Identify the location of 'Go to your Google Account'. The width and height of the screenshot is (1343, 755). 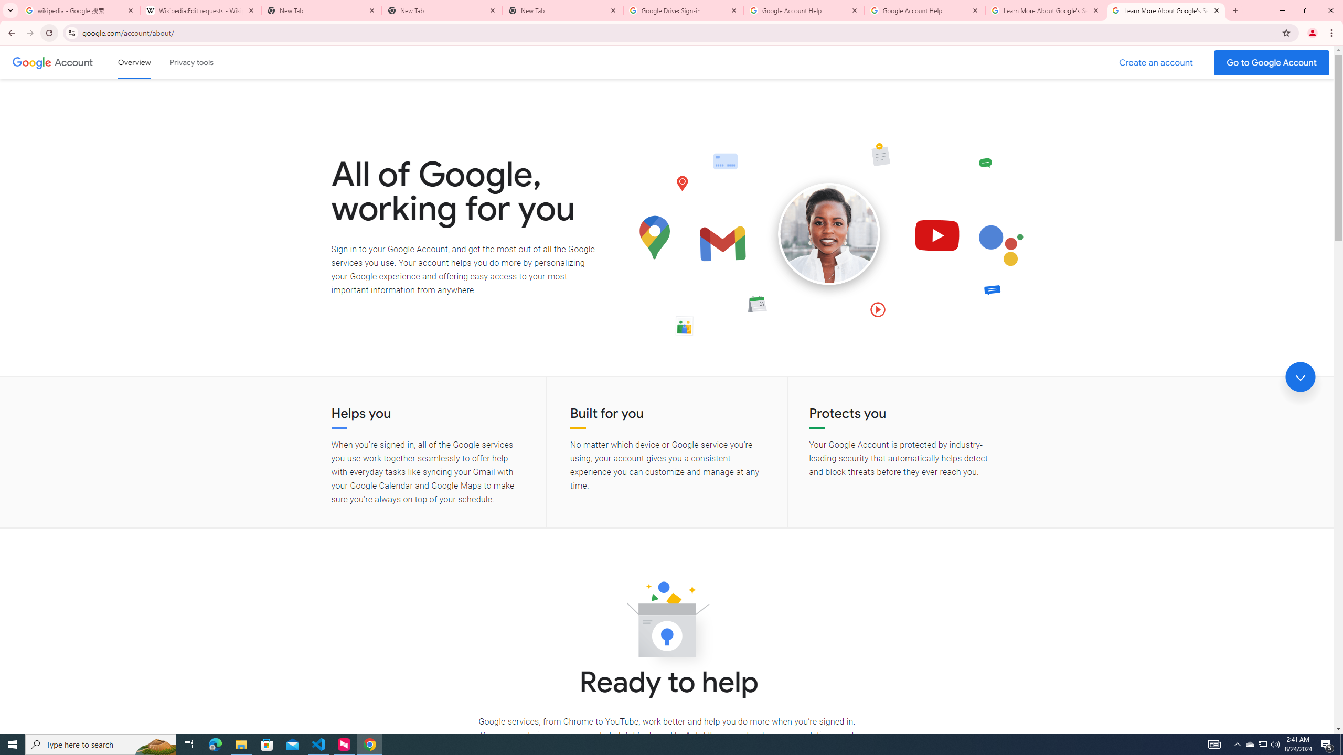
(1272, 62).